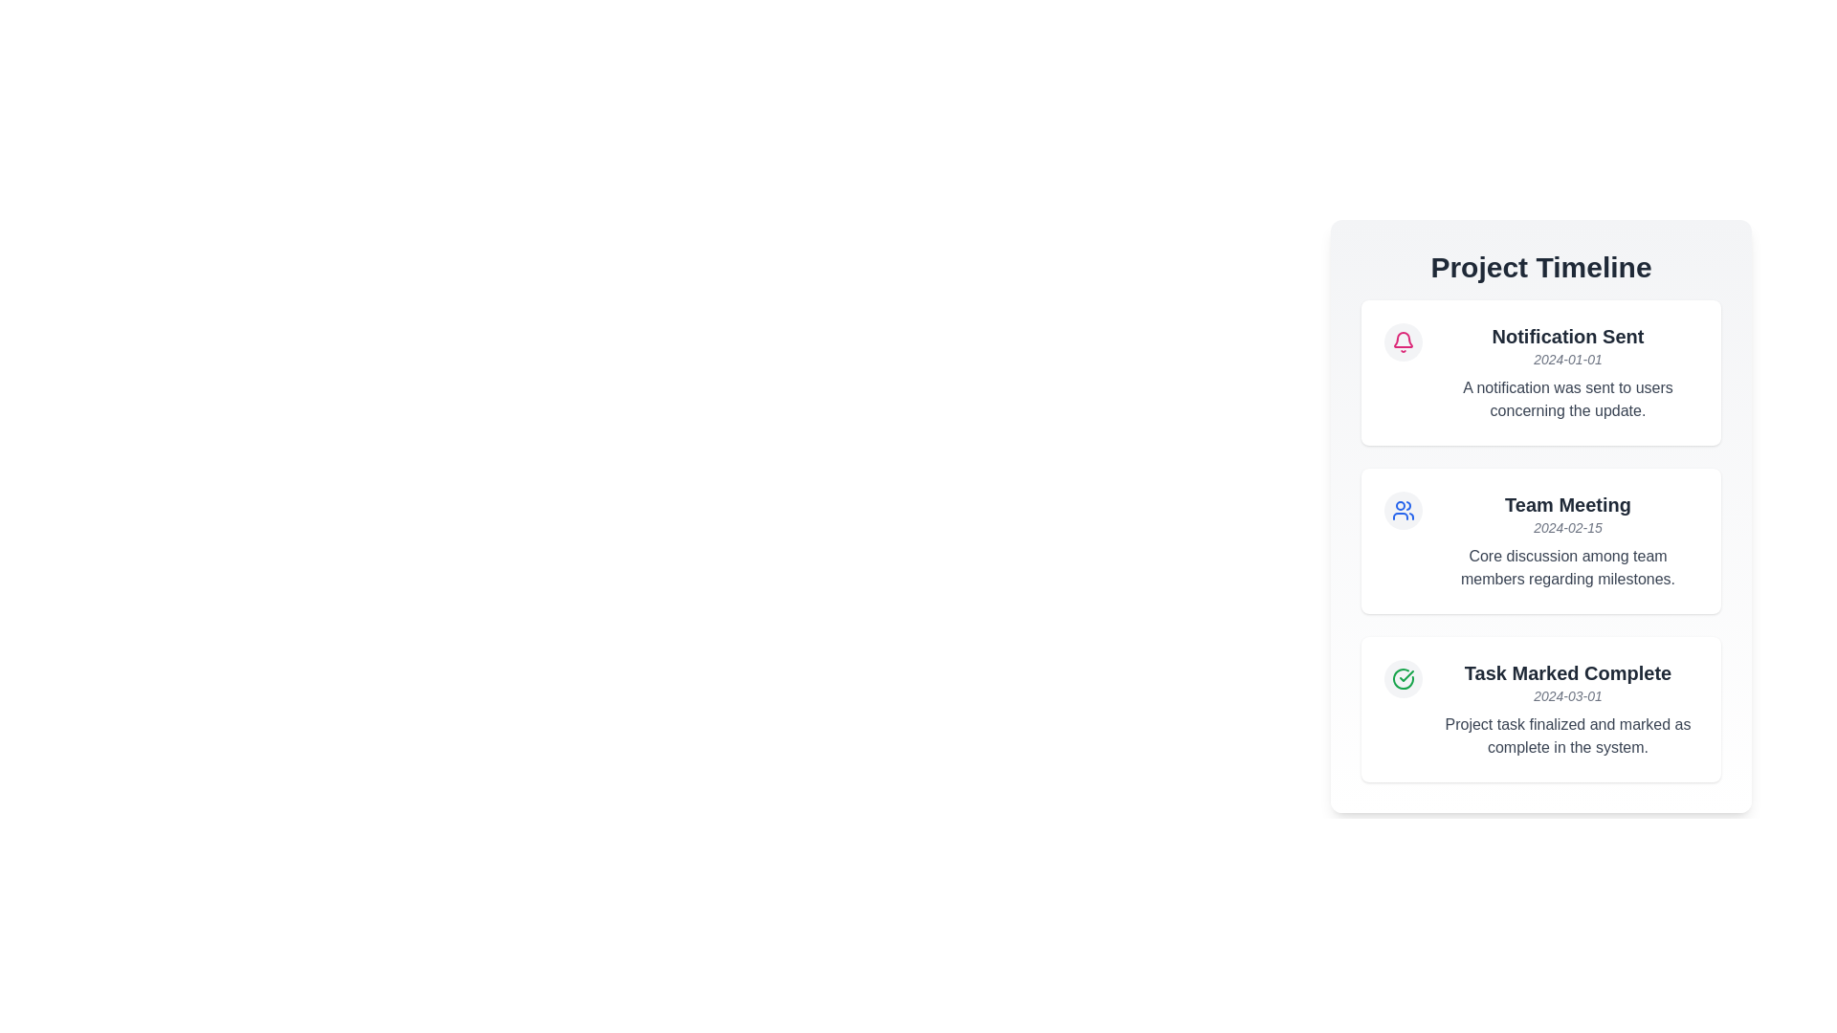  Describe the element at coordinates (1567, 736) in the screenshot. I see `the static text block that displays the message 'Project task finalized and marked as complete in the system.' located at the bottom of the 'Task Marked Complete' event card in the 'Project Timeline' section` at that location.